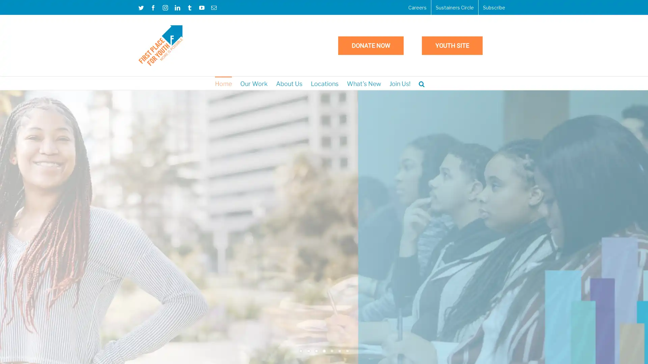 The width and height of the screenshot is (648, 364). Describe the element at coordinates (421, 83) in the screenshot. I see `Search` at that location.